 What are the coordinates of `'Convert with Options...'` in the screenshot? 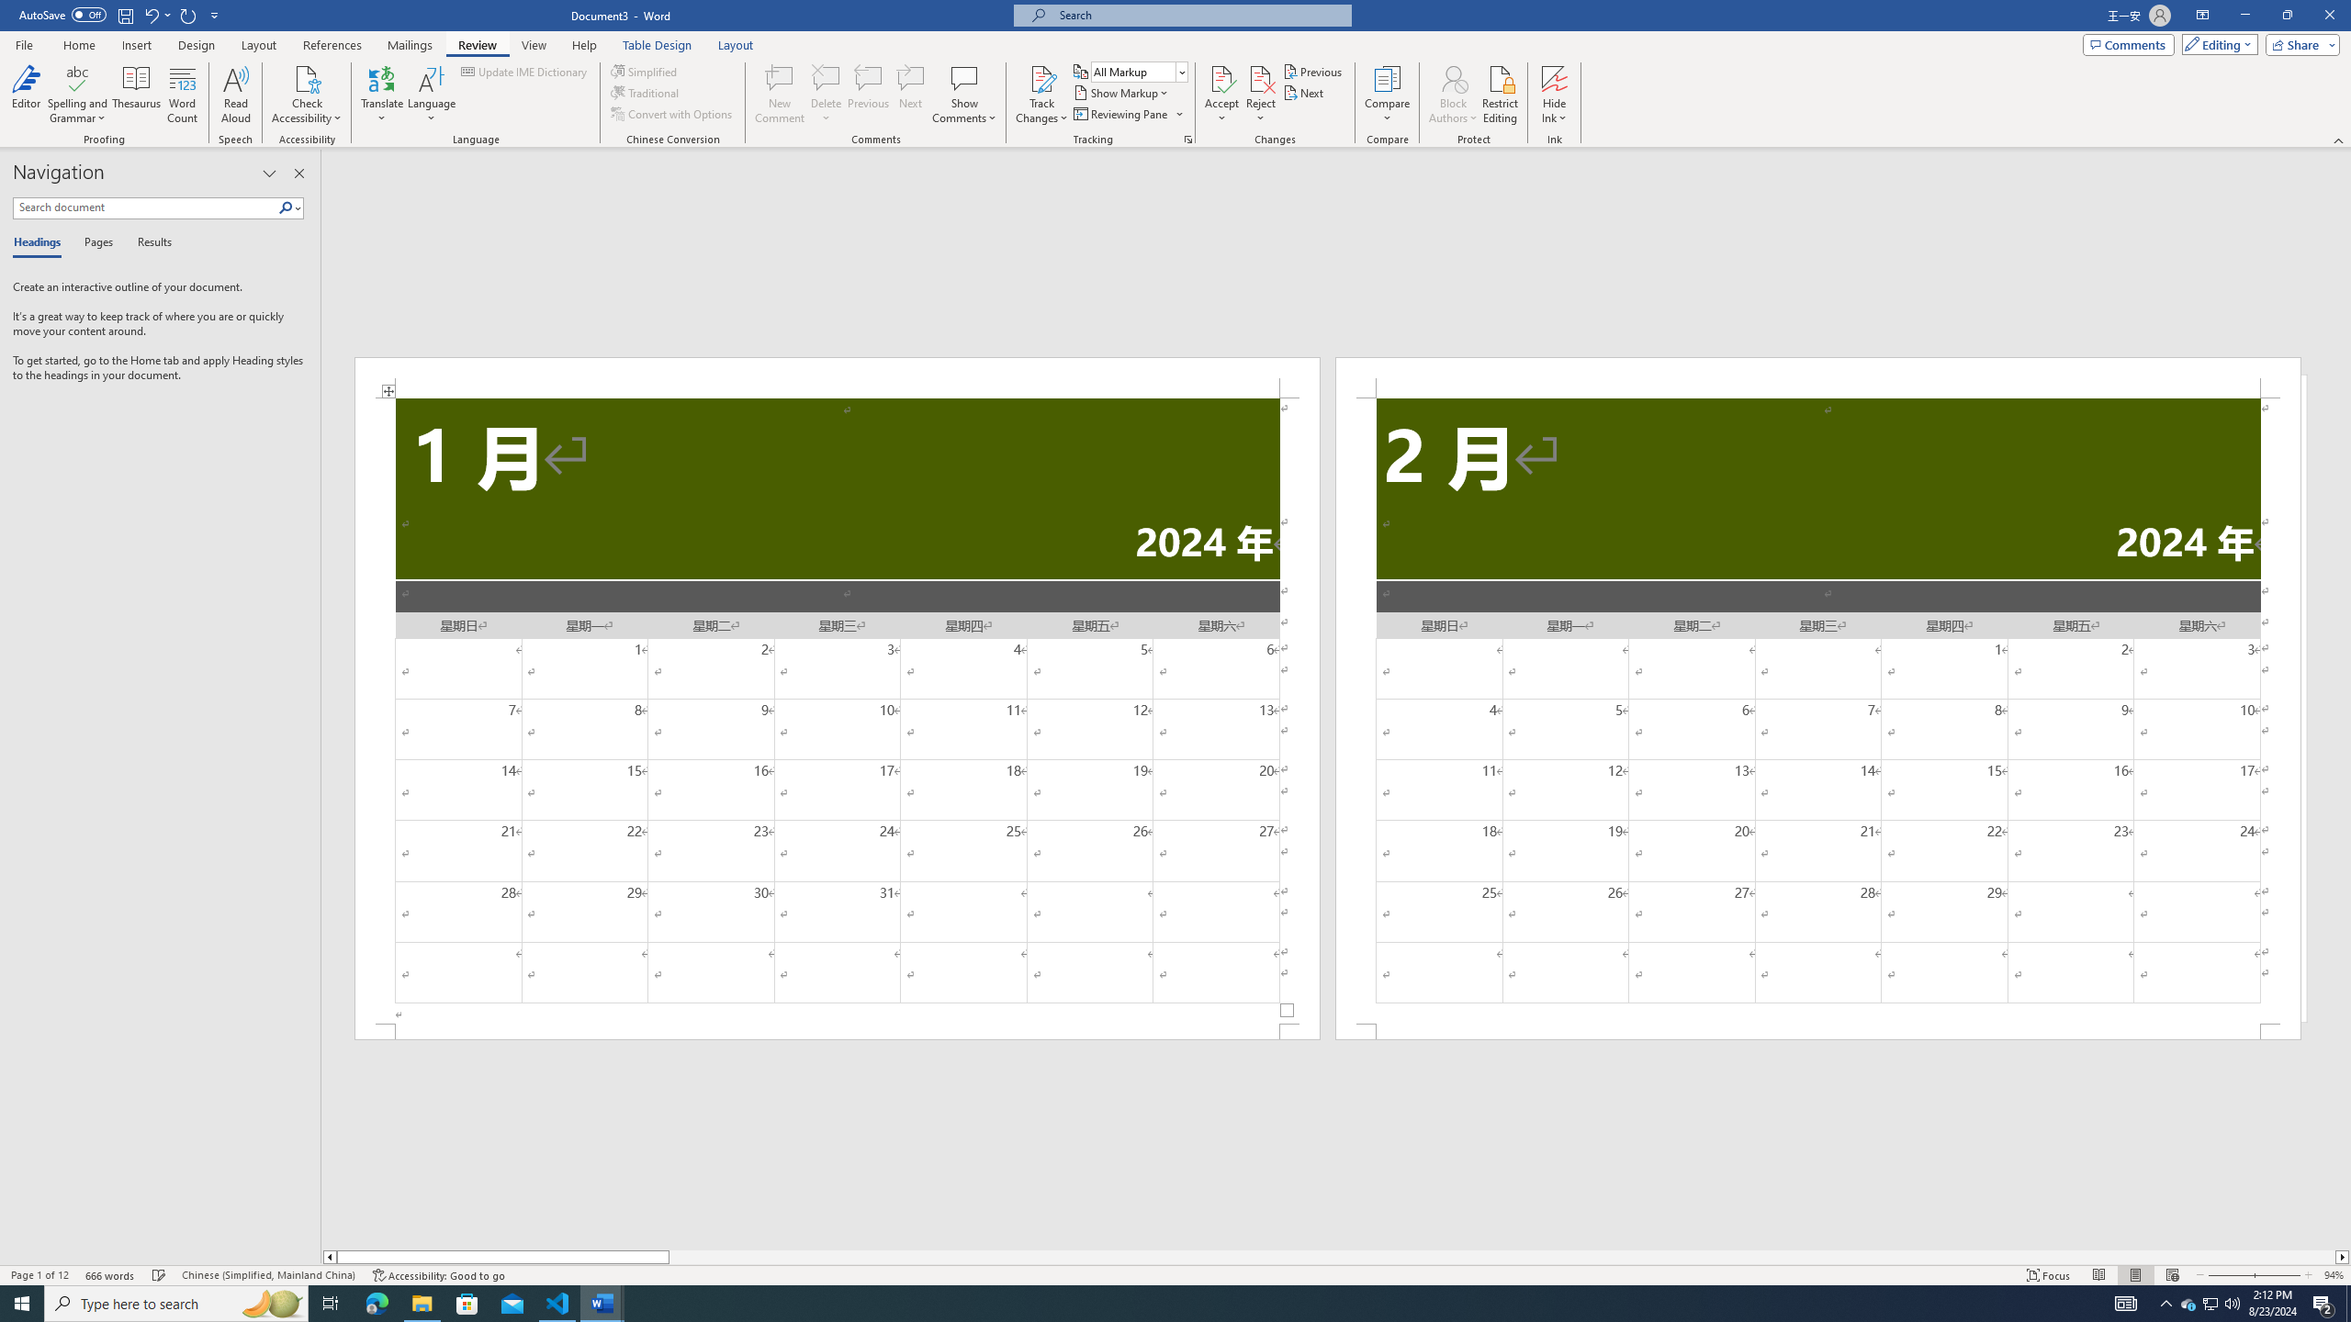 It's located at (673, 112).